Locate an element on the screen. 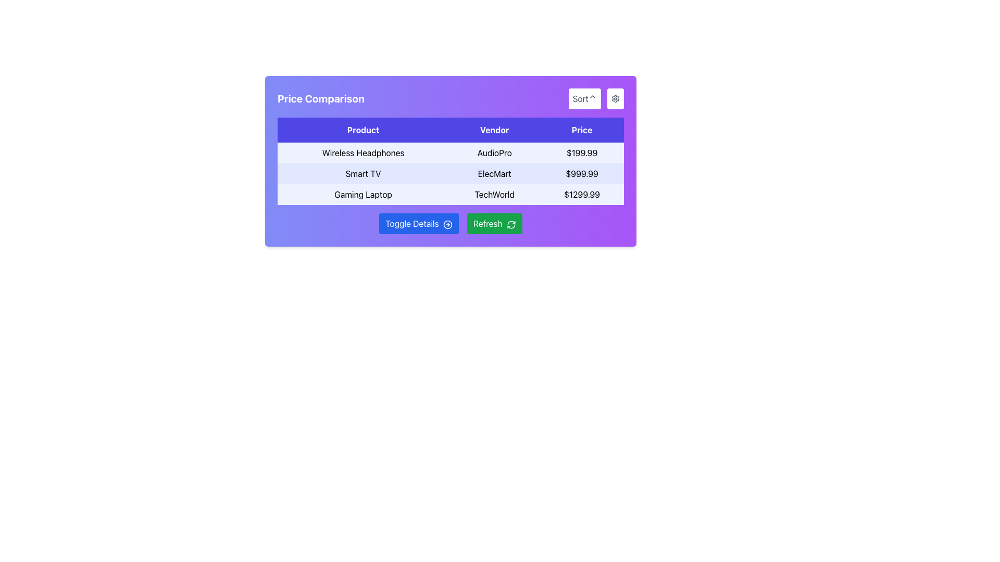 This screenshot has height=562, width=1000. the text label 'ElecMart' which identifies the vendor associated with the product 'Smart TV' in the table row is located at coordinates (494, 173).